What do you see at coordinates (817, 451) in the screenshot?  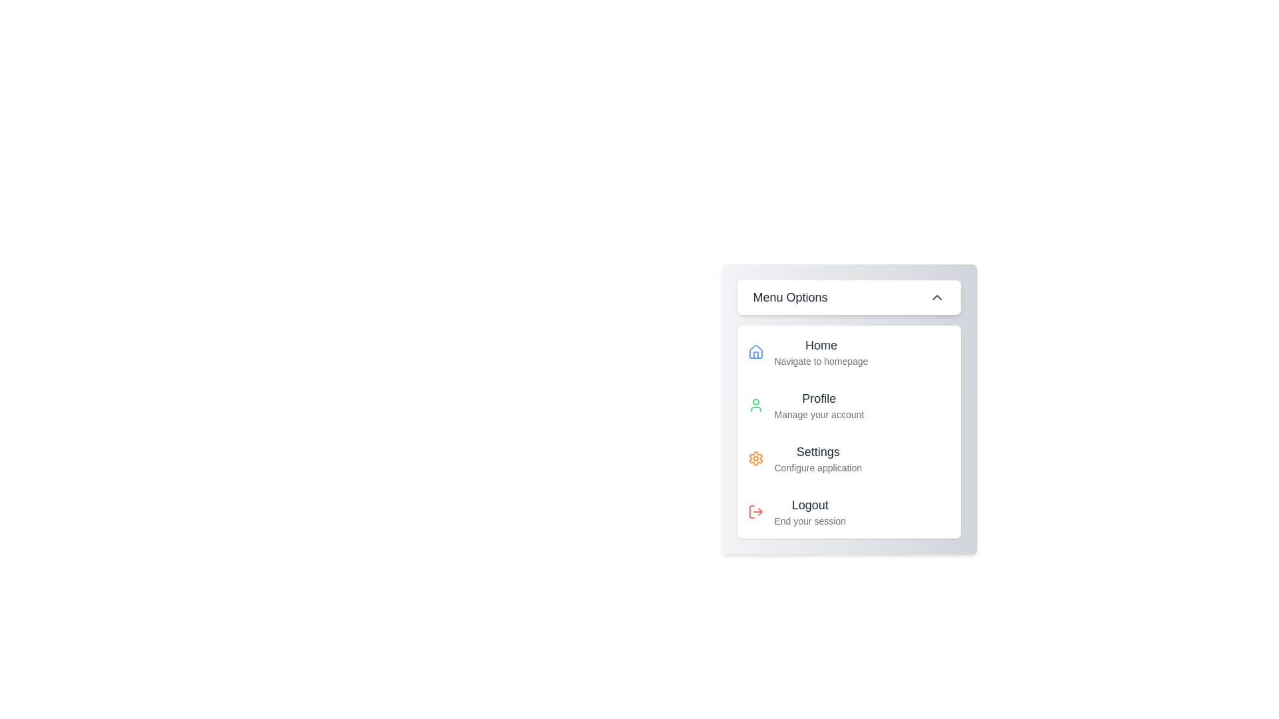 I see `the 'Settings' text label in the dropdown menu titled 'Menu Options', which is the third option in the list and has a bold grayish-black font` at bounding box center [817, 451].